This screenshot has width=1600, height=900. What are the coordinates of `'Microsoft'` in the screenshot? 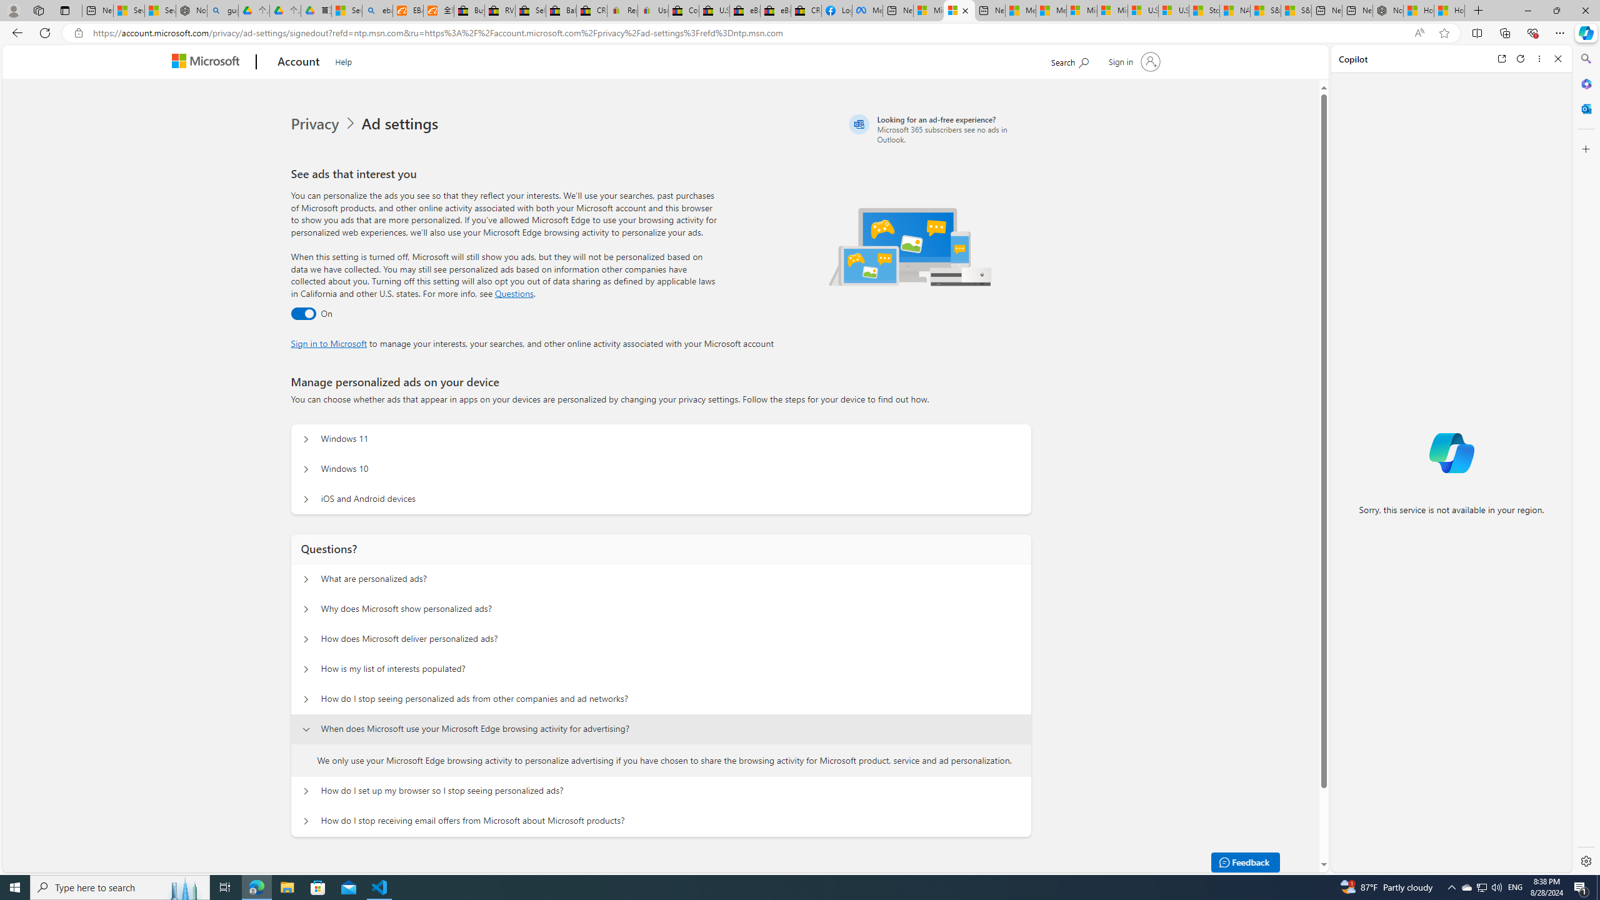 It's located at (209, 62).